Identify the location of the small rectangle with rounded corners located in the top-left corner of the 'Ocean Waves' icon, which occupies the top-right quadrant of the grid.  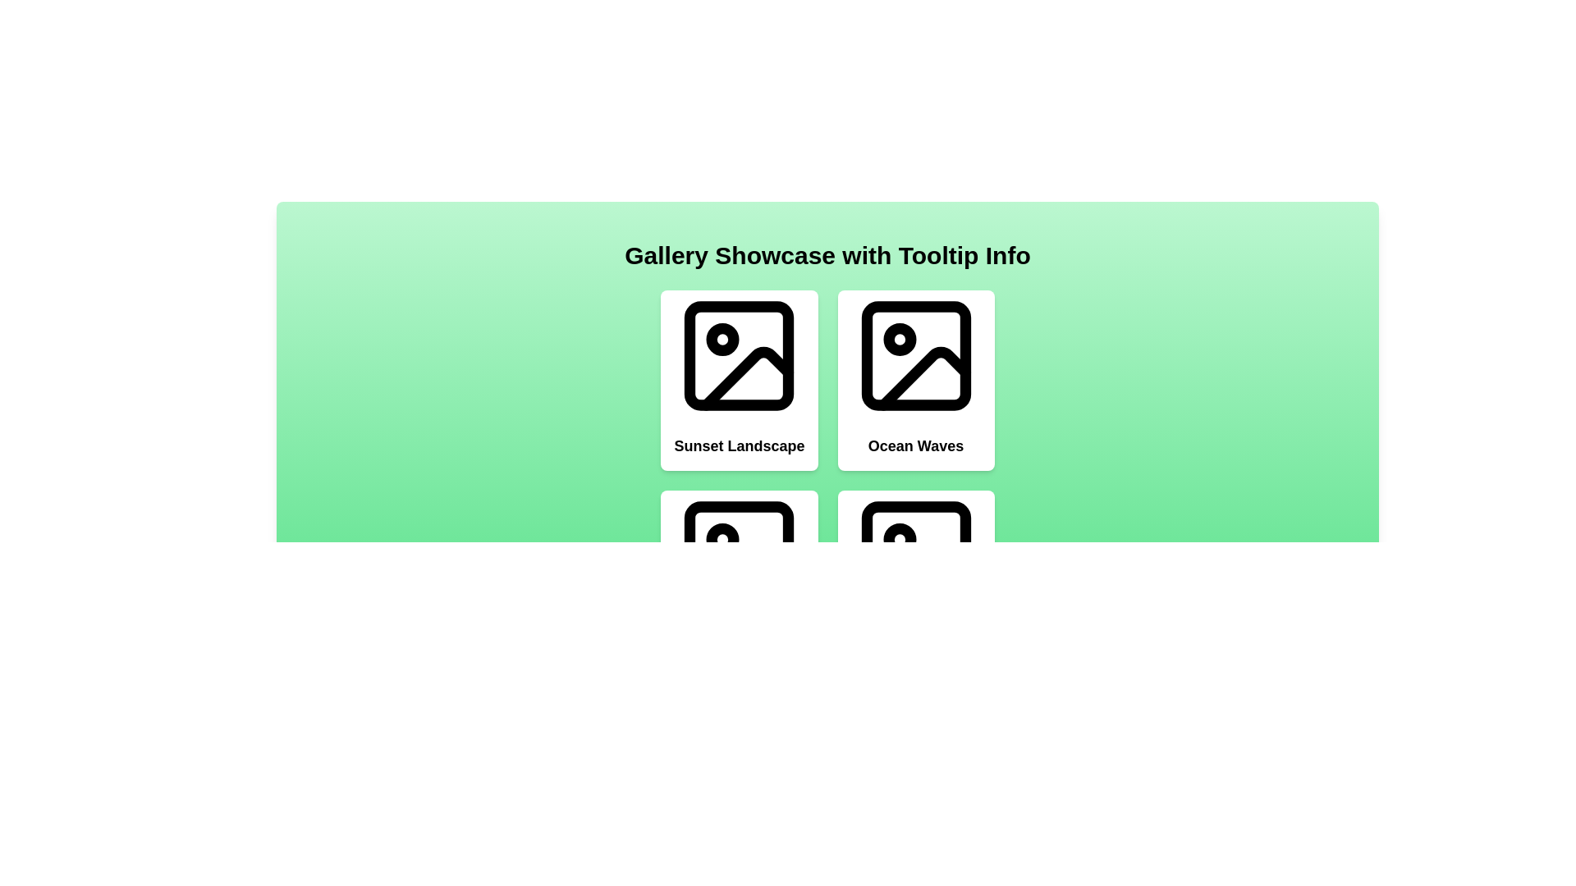
(915, 355).